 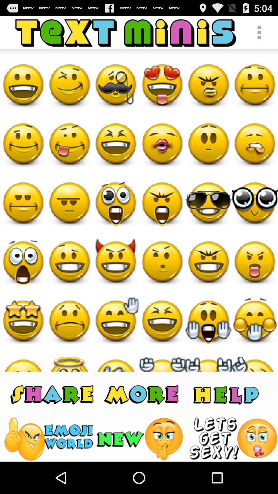 I want to click on item, so click(x=233, y=439).